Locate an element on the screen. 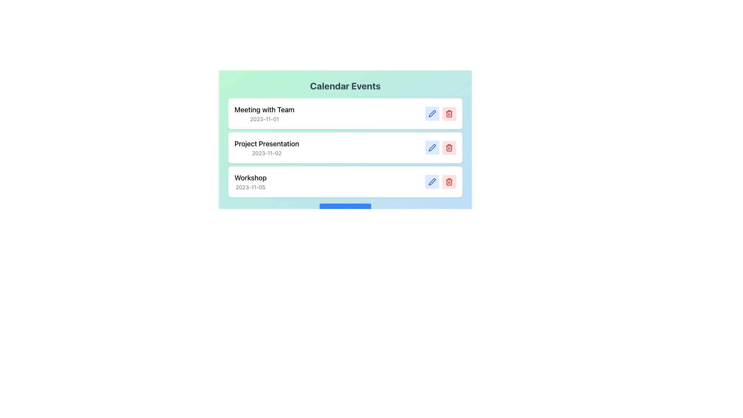 The height and width of the screenshot is (418, 743). the central portion of the trash bin icon, which represents the delete operation for an event option is located at coordinates (449, 114).